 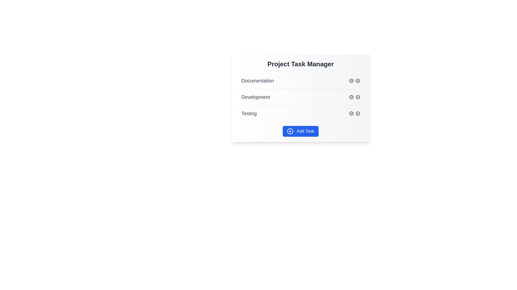 What do you see at coordinates (290, 131) in the screenshot?
I see `the interactive area of the blue button labeled 'Add Task', specifically targeting the outer circular stroke of the SVG icon` at bounding box center [290, 131].